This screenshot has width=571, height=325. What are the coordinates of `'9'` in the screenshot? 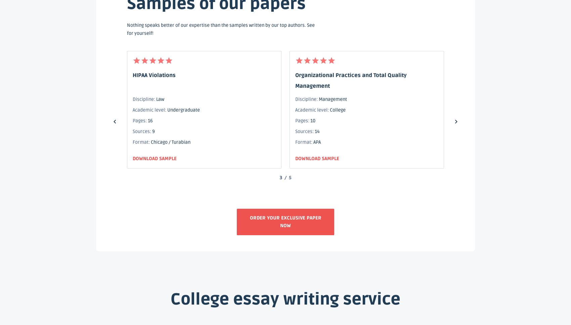 It's located at (153, 131).